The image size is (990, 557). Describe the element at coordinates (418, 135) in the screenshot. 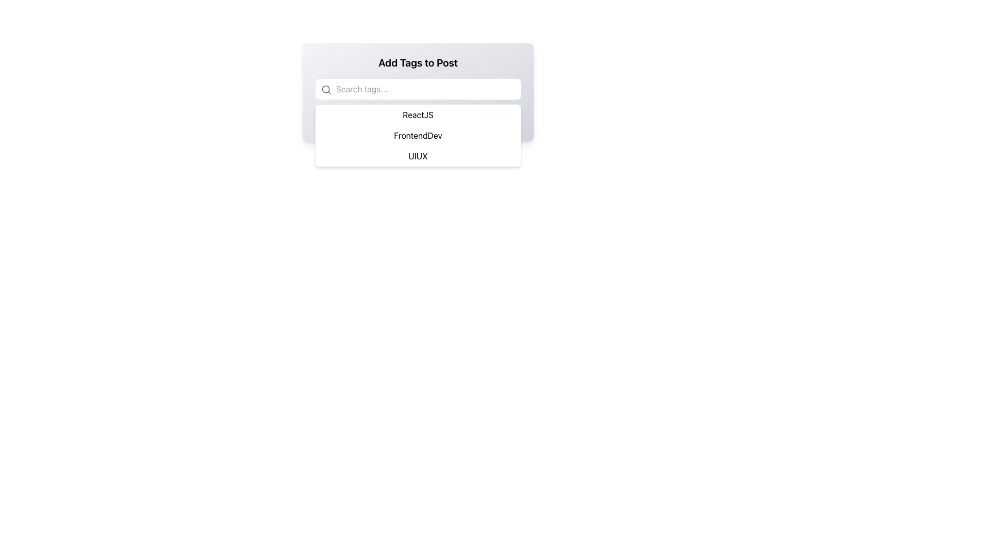

I see `the 'FrontendDev' option in the dropdown menu located beneath the 'Search tags...' input field` at that location.